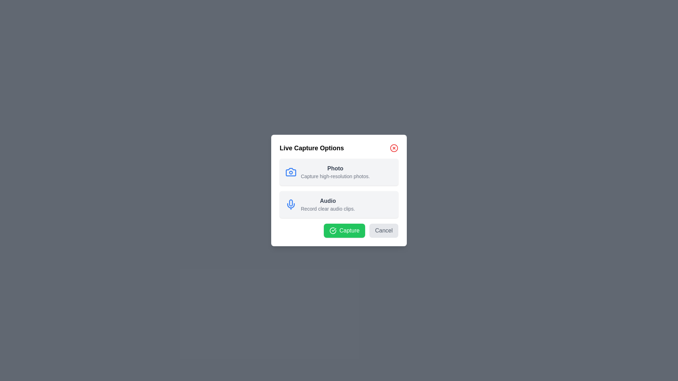 This screenshot has height=381, width=678. What do you see at coordinates (339, 204) in the screenshot?
I see `the capture mode Audio` at bounding box center [339, 204].